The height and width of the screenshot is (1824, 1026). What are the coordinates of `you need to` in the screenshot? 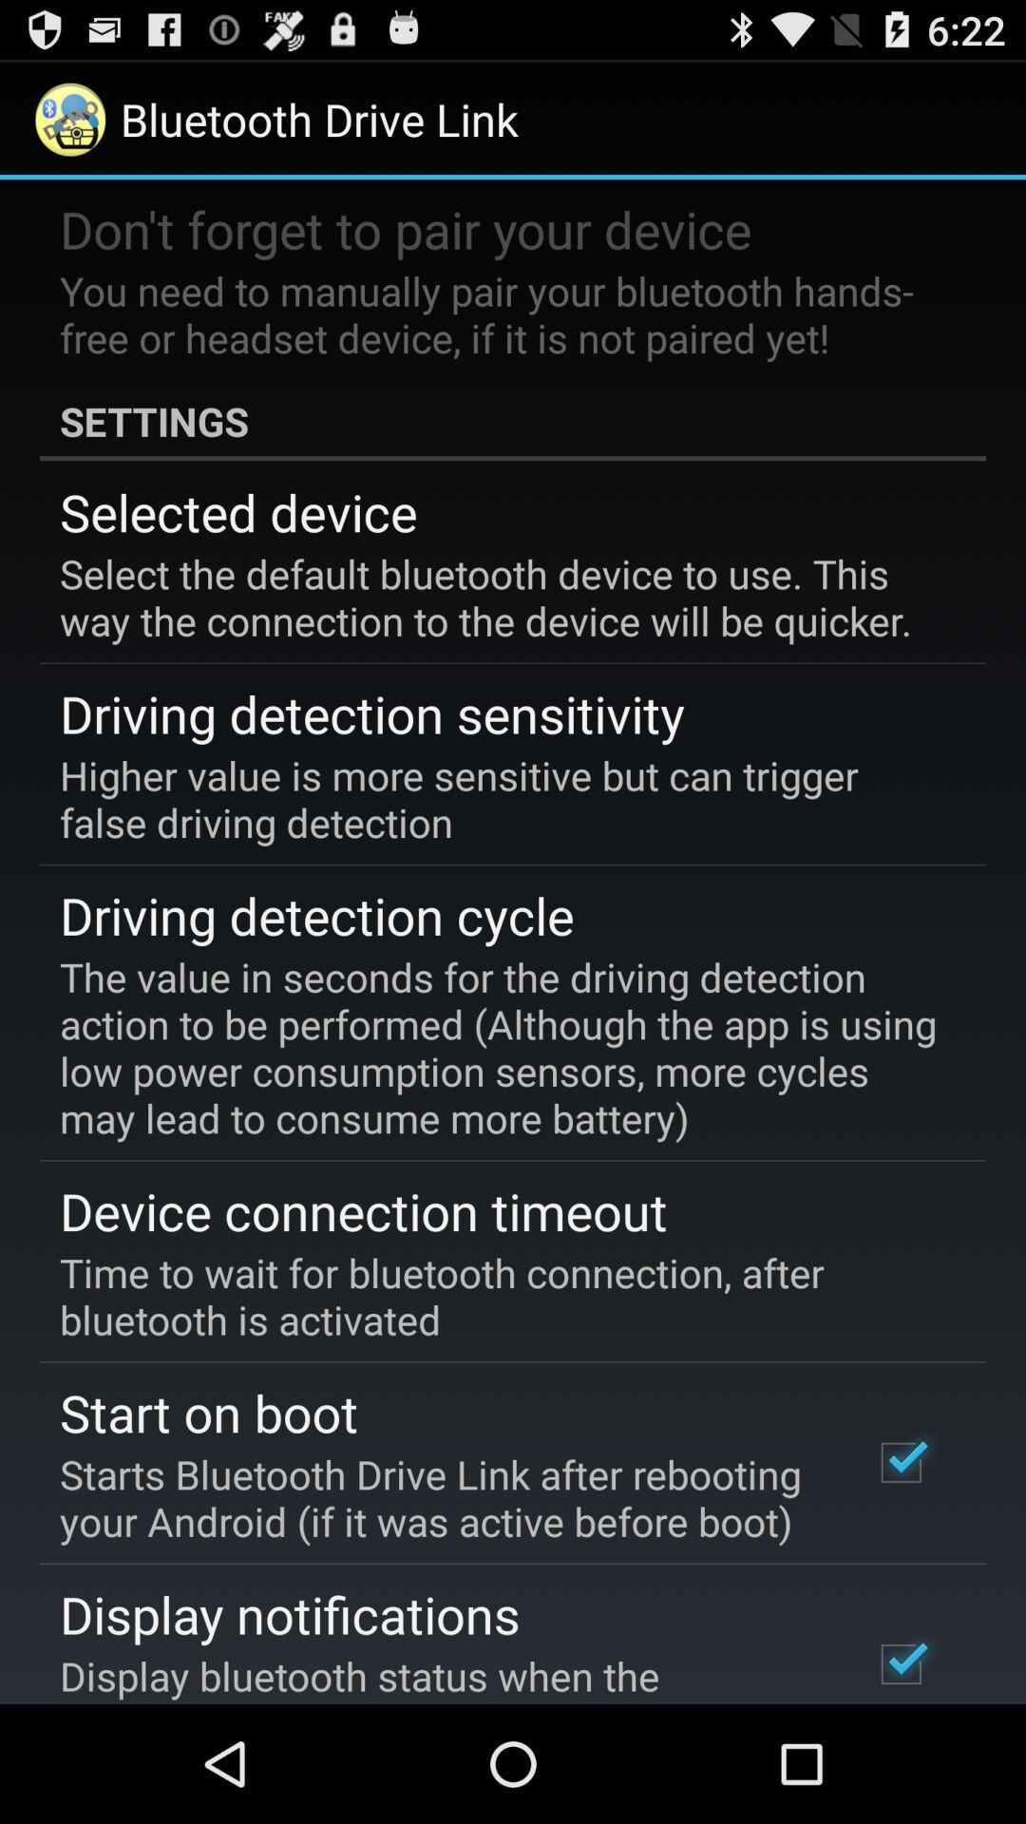 It's located at (499, 313).